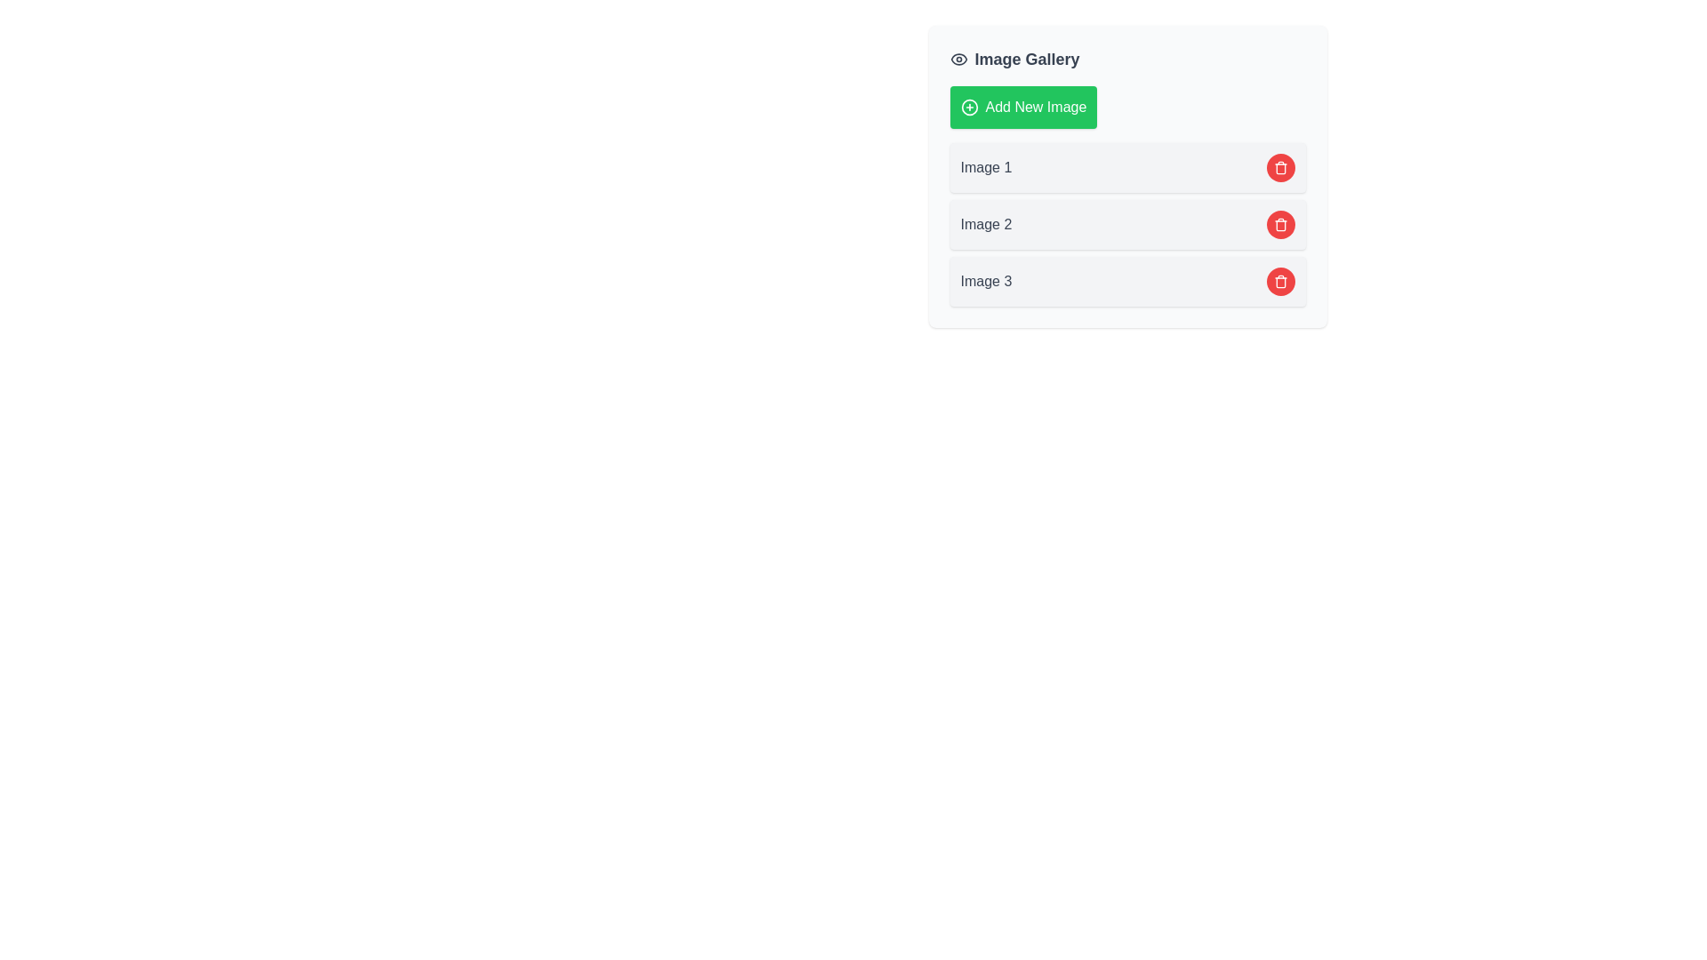 Image resolution: width=1707 pixels, height=960 pixels. I want to click on the 'Add New Image' icon located to the left of the 'Add New Image' button in the 'Image Gallery' section, so click(968, 107).